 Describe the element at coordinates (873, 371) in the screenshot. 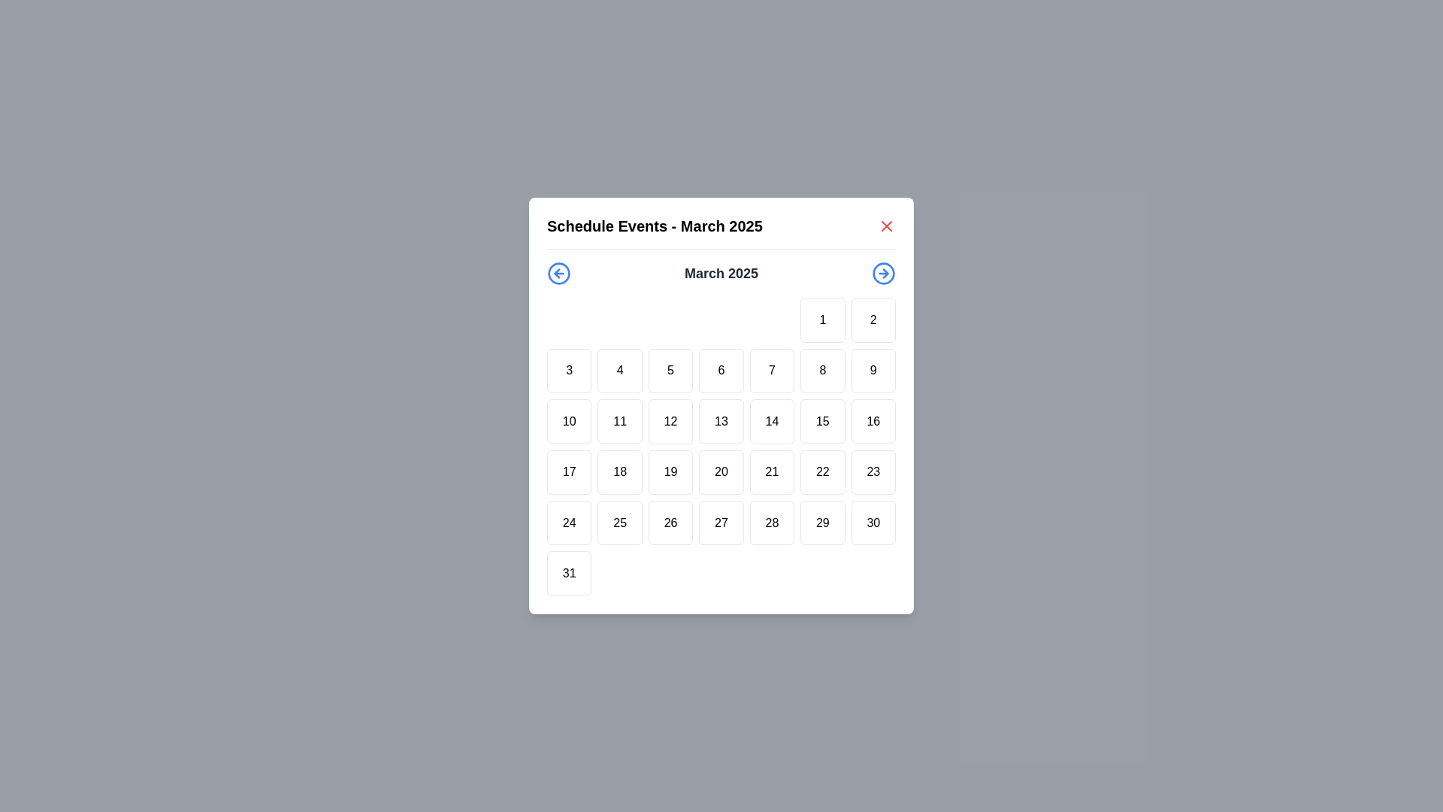

I see `the button representing day 9 in the calendar` at that location.